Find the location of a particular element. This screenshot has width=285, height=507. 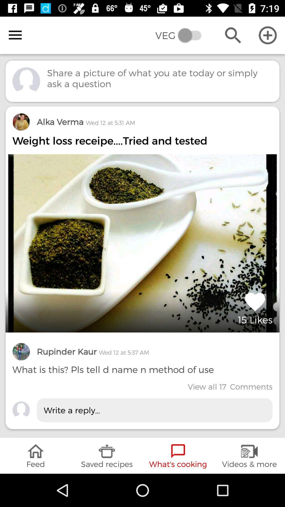

the first item from the top is located at coordinates (142, 268).